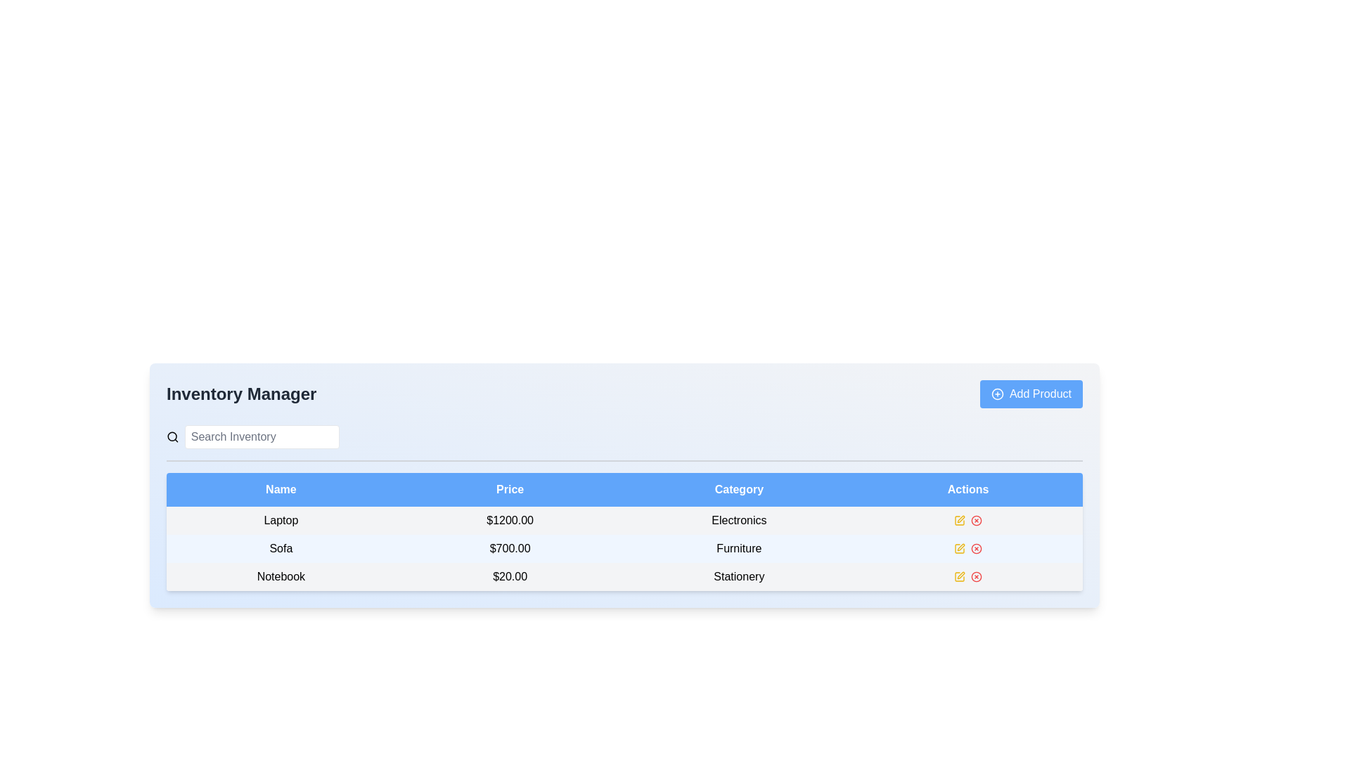 This screenshot has width=1350, height=759. I want to click on the edit button in the Row Action Control for the Electronics category entry to modify the item, so click(967, 520).